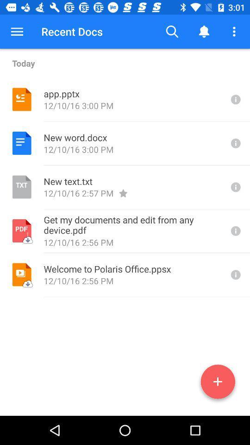 This screenshot has width=250, height=445. What do you see at coordinates (235, 99) in the screenshot?
I see `extra information of file` at bounding box center [235, 99].